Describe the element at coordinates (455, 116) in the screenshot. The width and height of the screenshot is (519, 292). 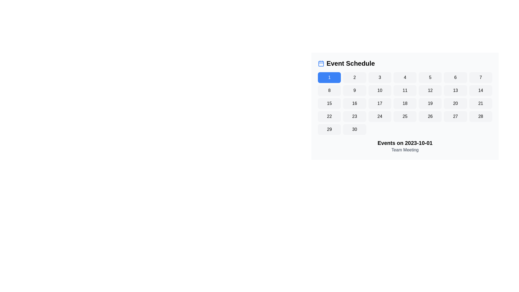
I see `the calendar date button representing the date '27'` at that location.